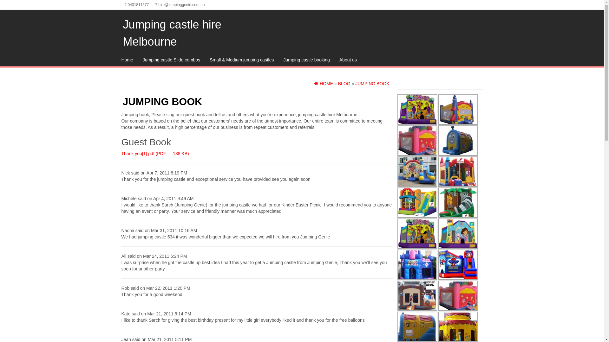 The image size is (609, 342). What do you see at coordinates (172, 33) in the screenshot?
I see `'Jumping castle hire Melbourne'` at bounding box center [172, 33].